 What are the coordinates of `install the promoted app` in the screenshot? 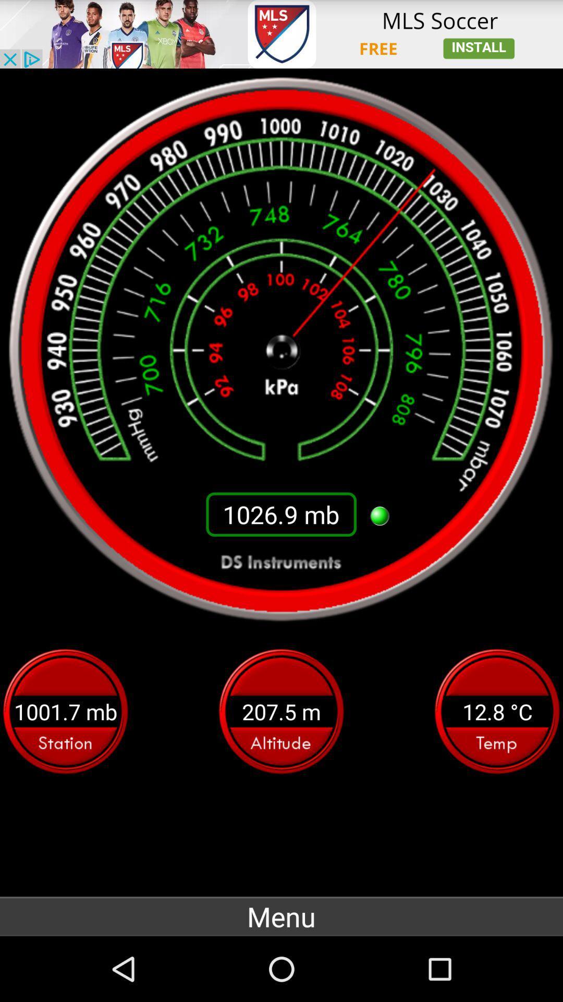 It's located at (281, 34).